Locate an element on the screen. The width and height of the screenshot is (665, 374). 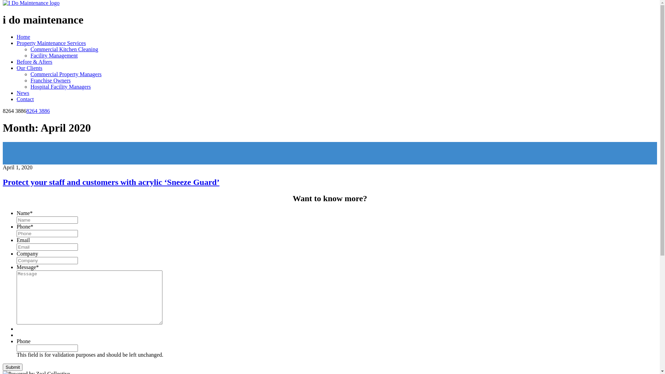
'Franchise Owners' is located at coordinates (50, 80).